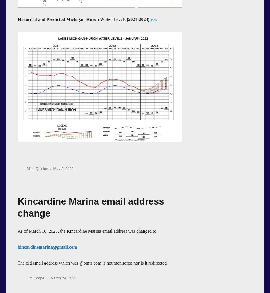 The image size is (270, 293). Describe the element at coordinates (90, 207) in the screenshot. I see `'Kincardine Marina email address change'` at that location.